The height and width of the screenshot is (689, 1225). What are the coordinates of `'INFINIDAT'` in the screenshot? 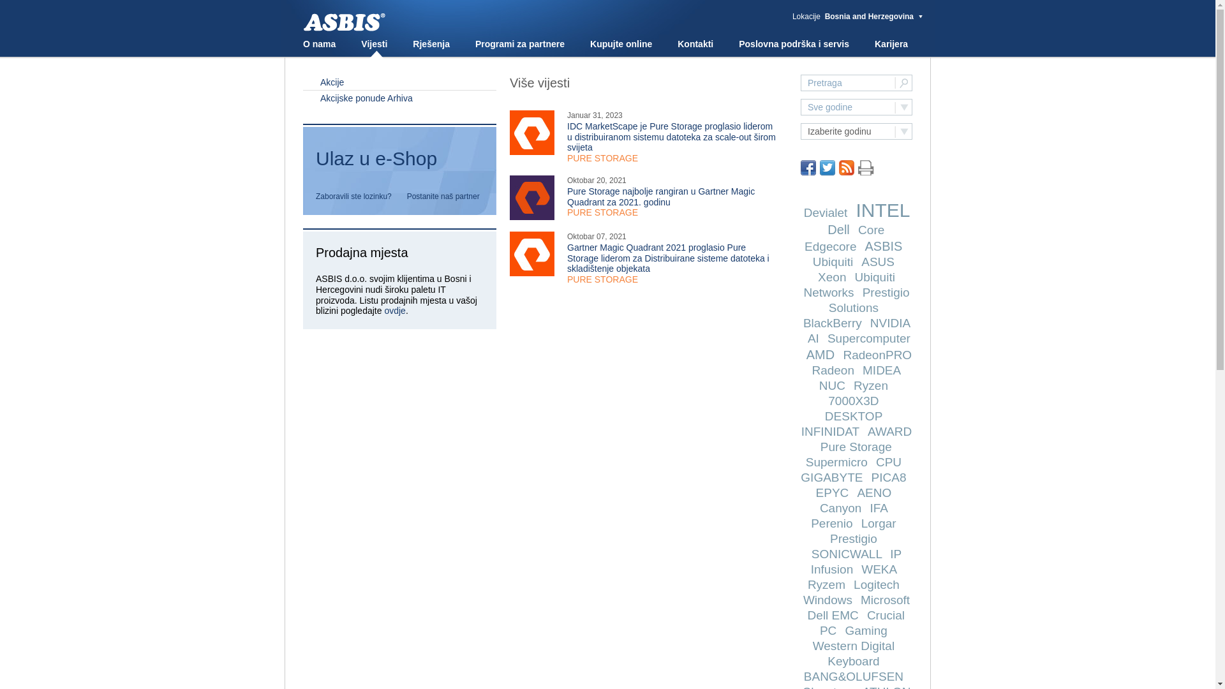 It's located at (830, 431).